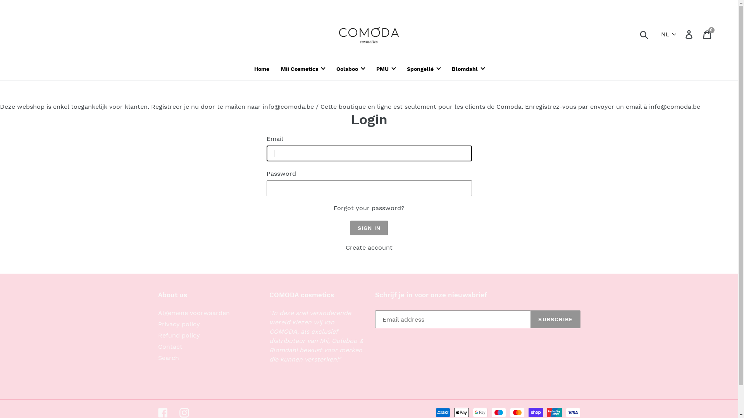  What do you see at coordinates (369, 207) in the screenshot?
I see `'Forgot your password?'` at bounding box center [369, 207].